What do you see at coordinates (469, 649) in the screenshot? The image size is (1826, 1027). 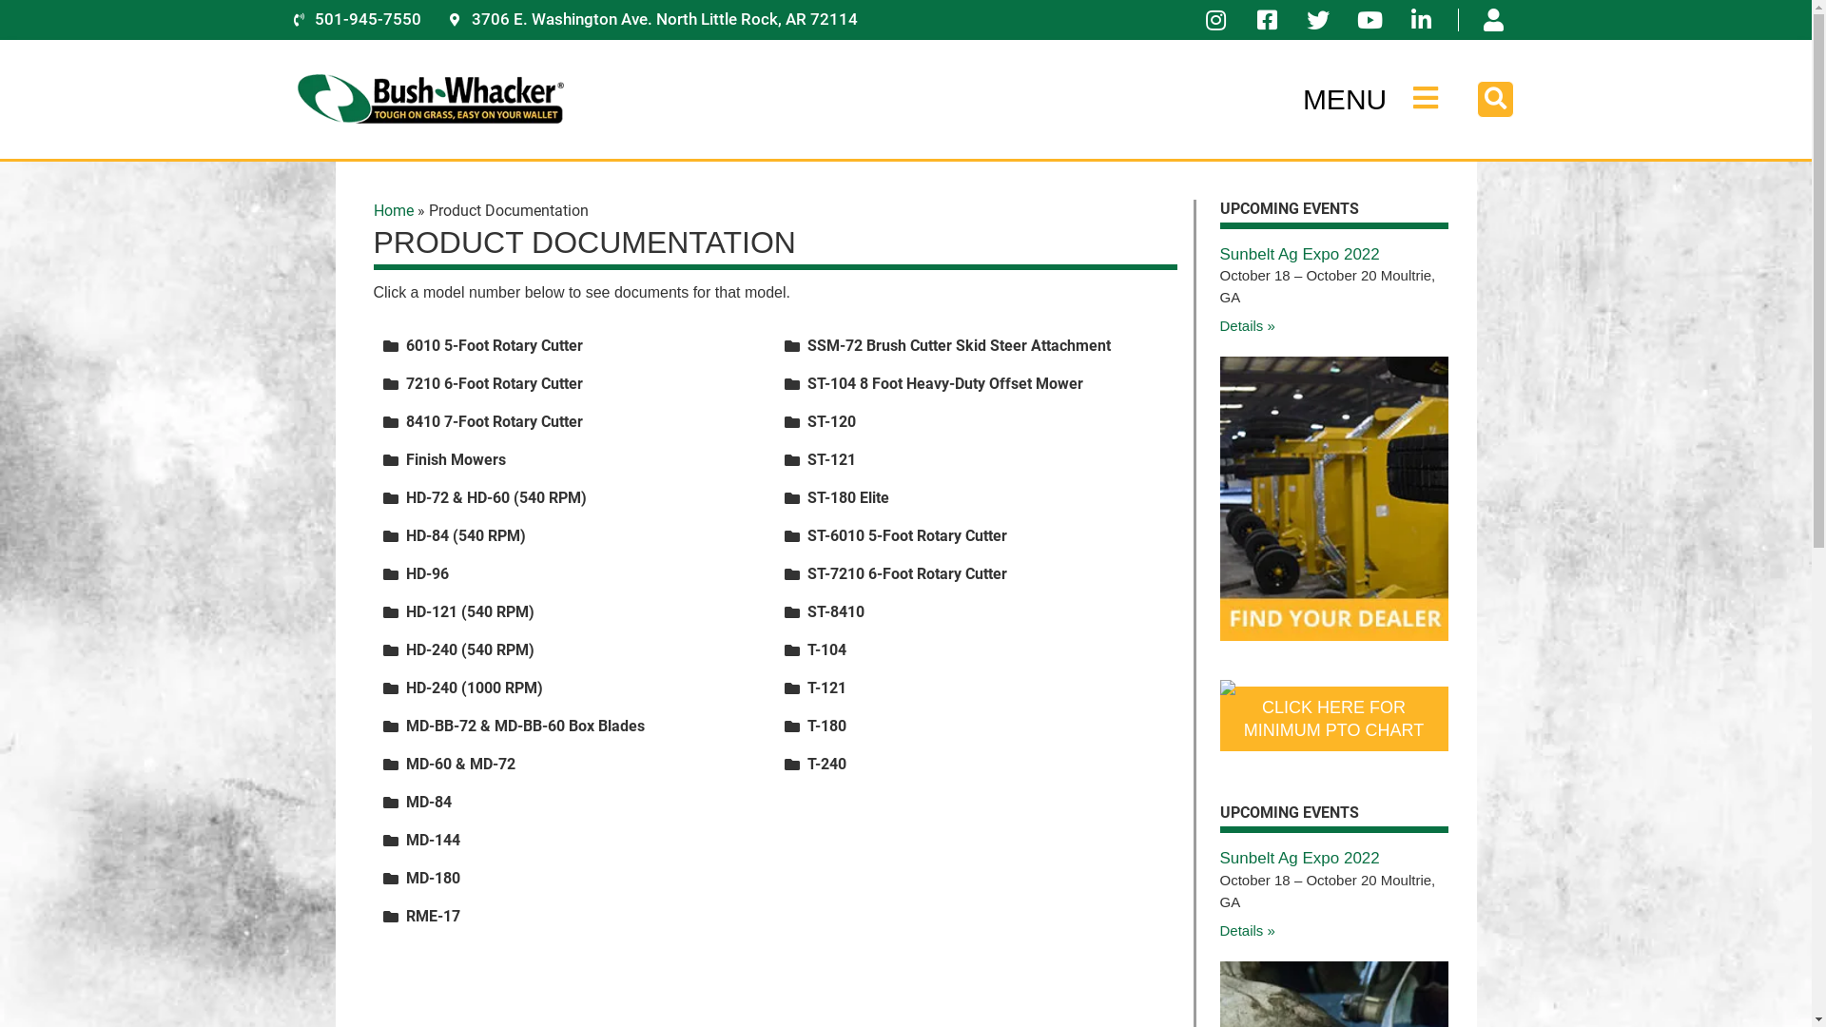 I see `'HD-240 (540 RPM)'` at bounding box center [469, 649].